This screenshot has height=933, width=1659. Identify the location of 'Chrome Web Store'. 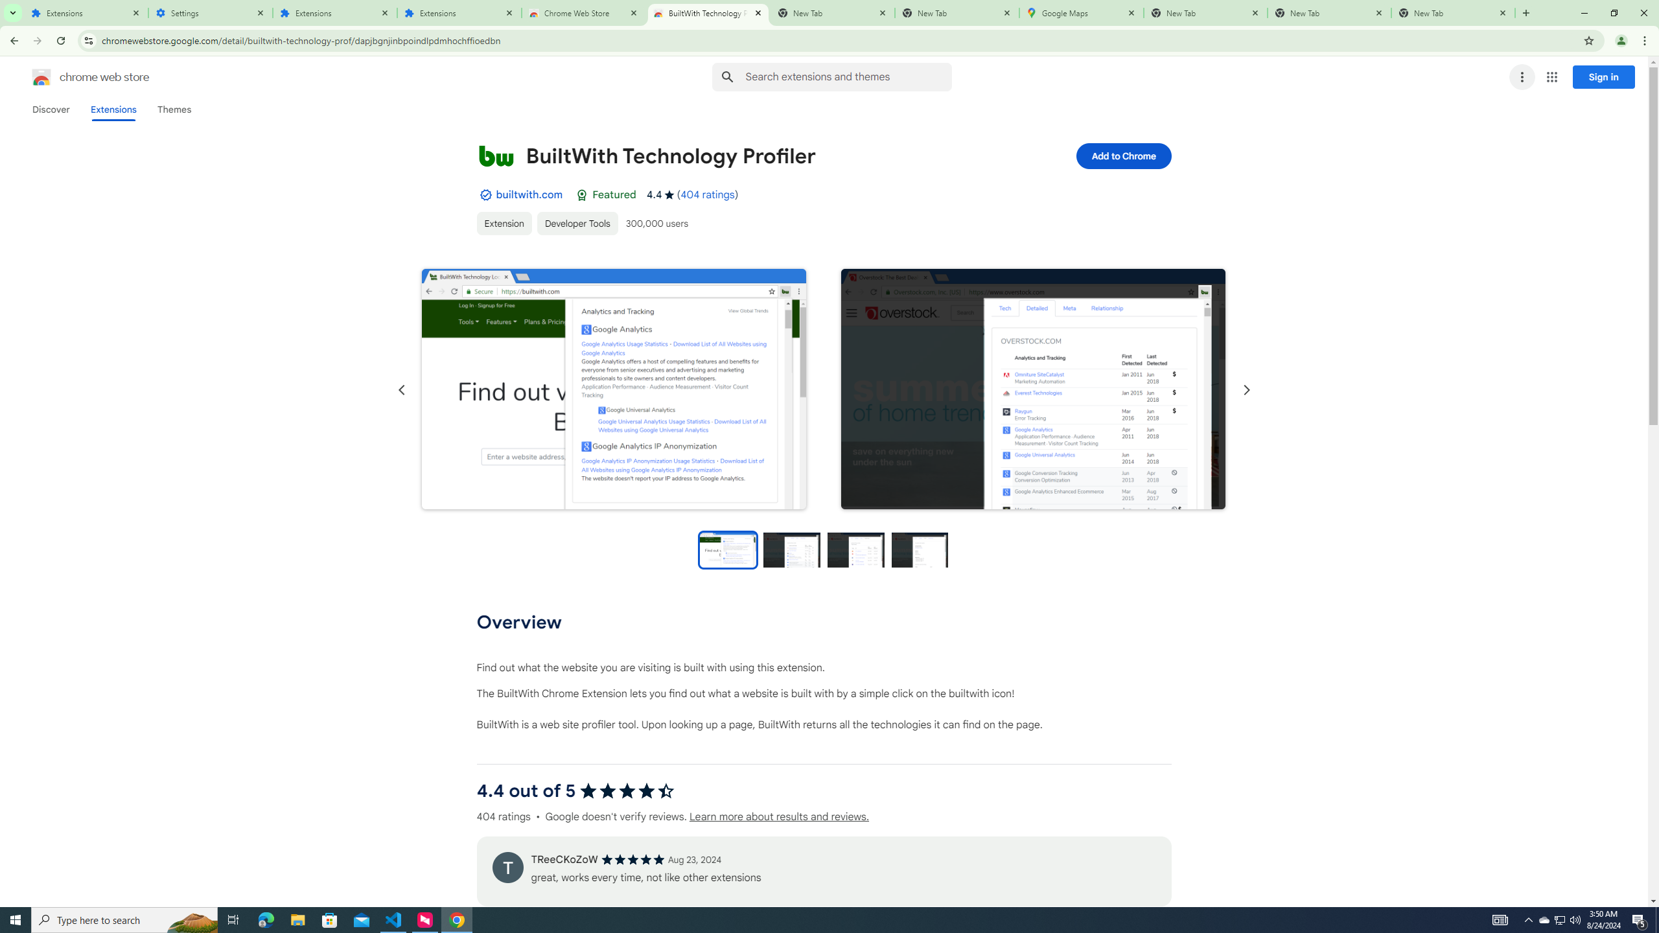
(583, 12).